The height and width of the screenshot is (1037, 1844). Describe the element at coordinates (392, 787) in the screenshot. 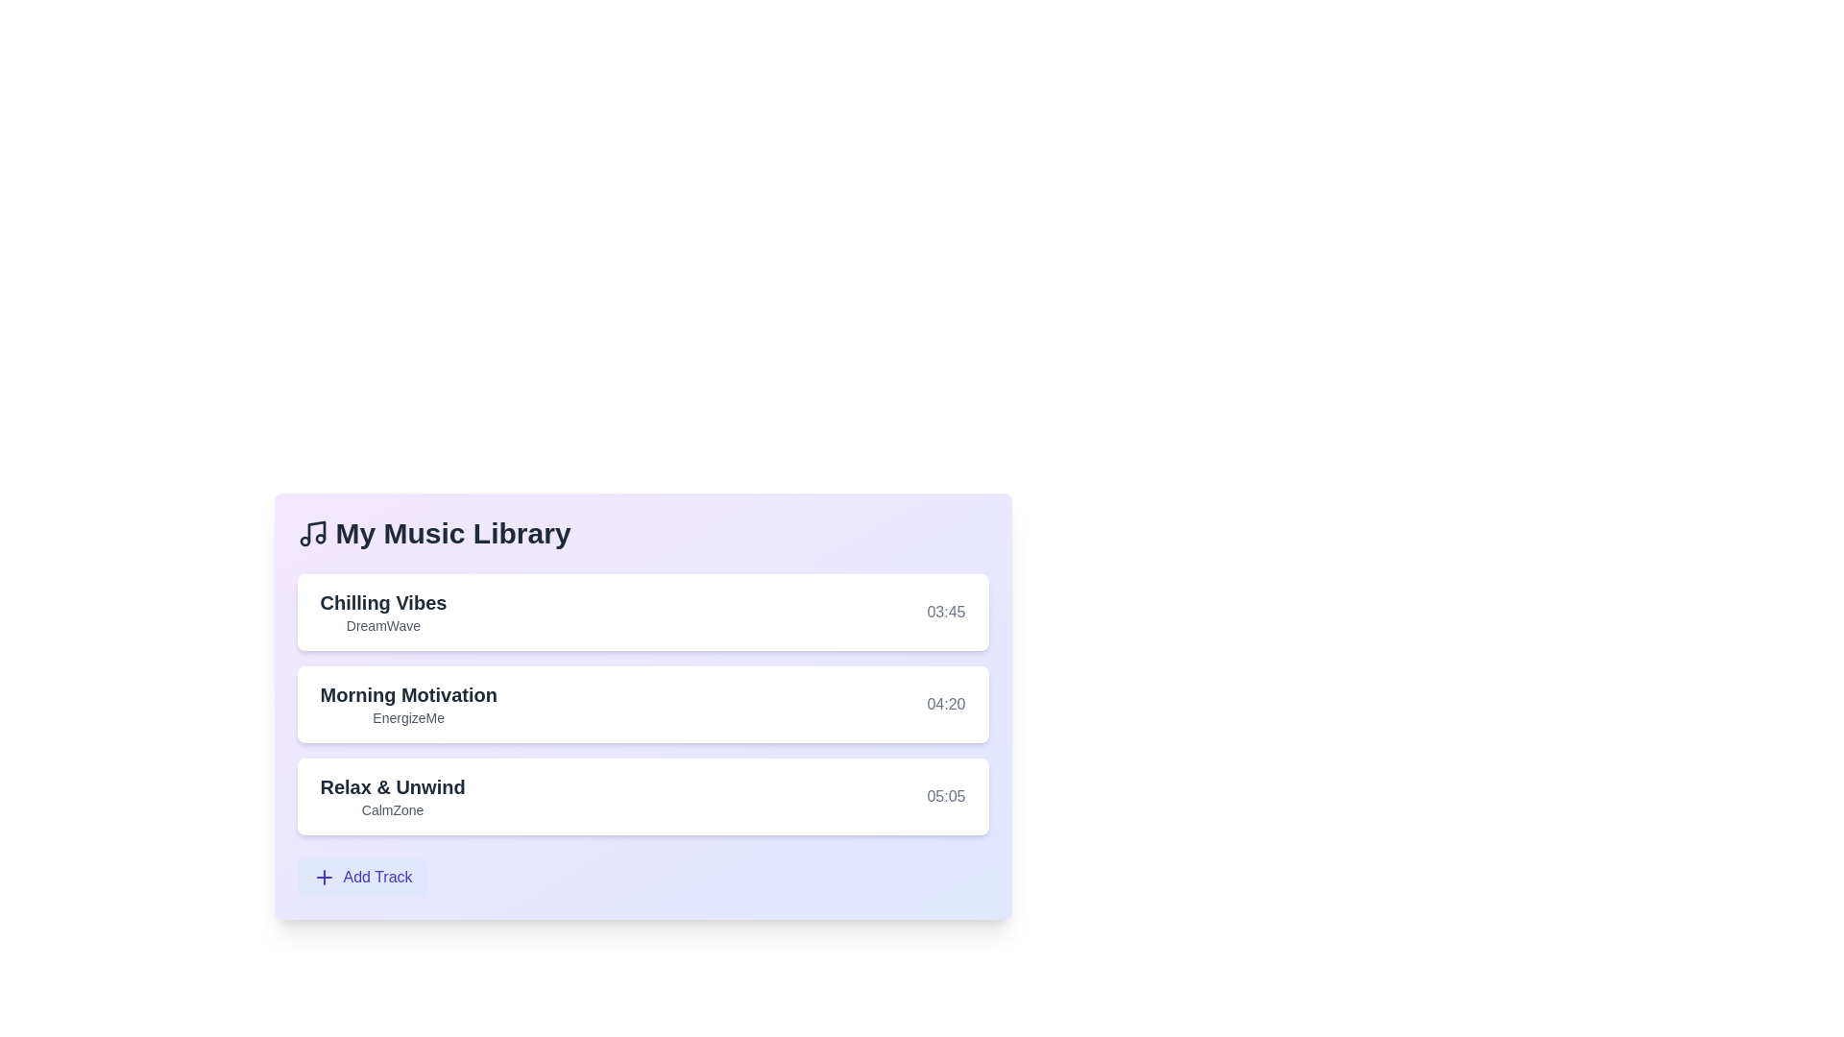

I see `the track titled Relax & Unwind` at that location.